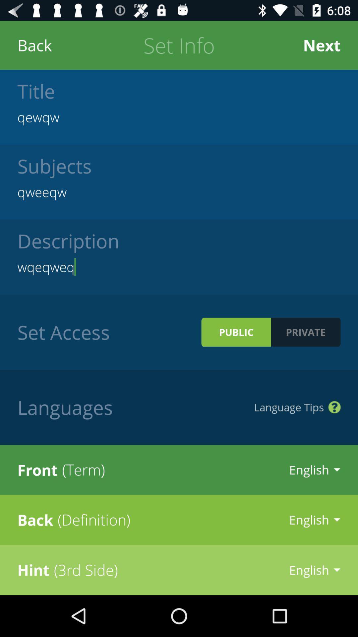 This screenshot has width=358, height=637. I want to click on the button next which is to the right side of set info, so click(322, 45).